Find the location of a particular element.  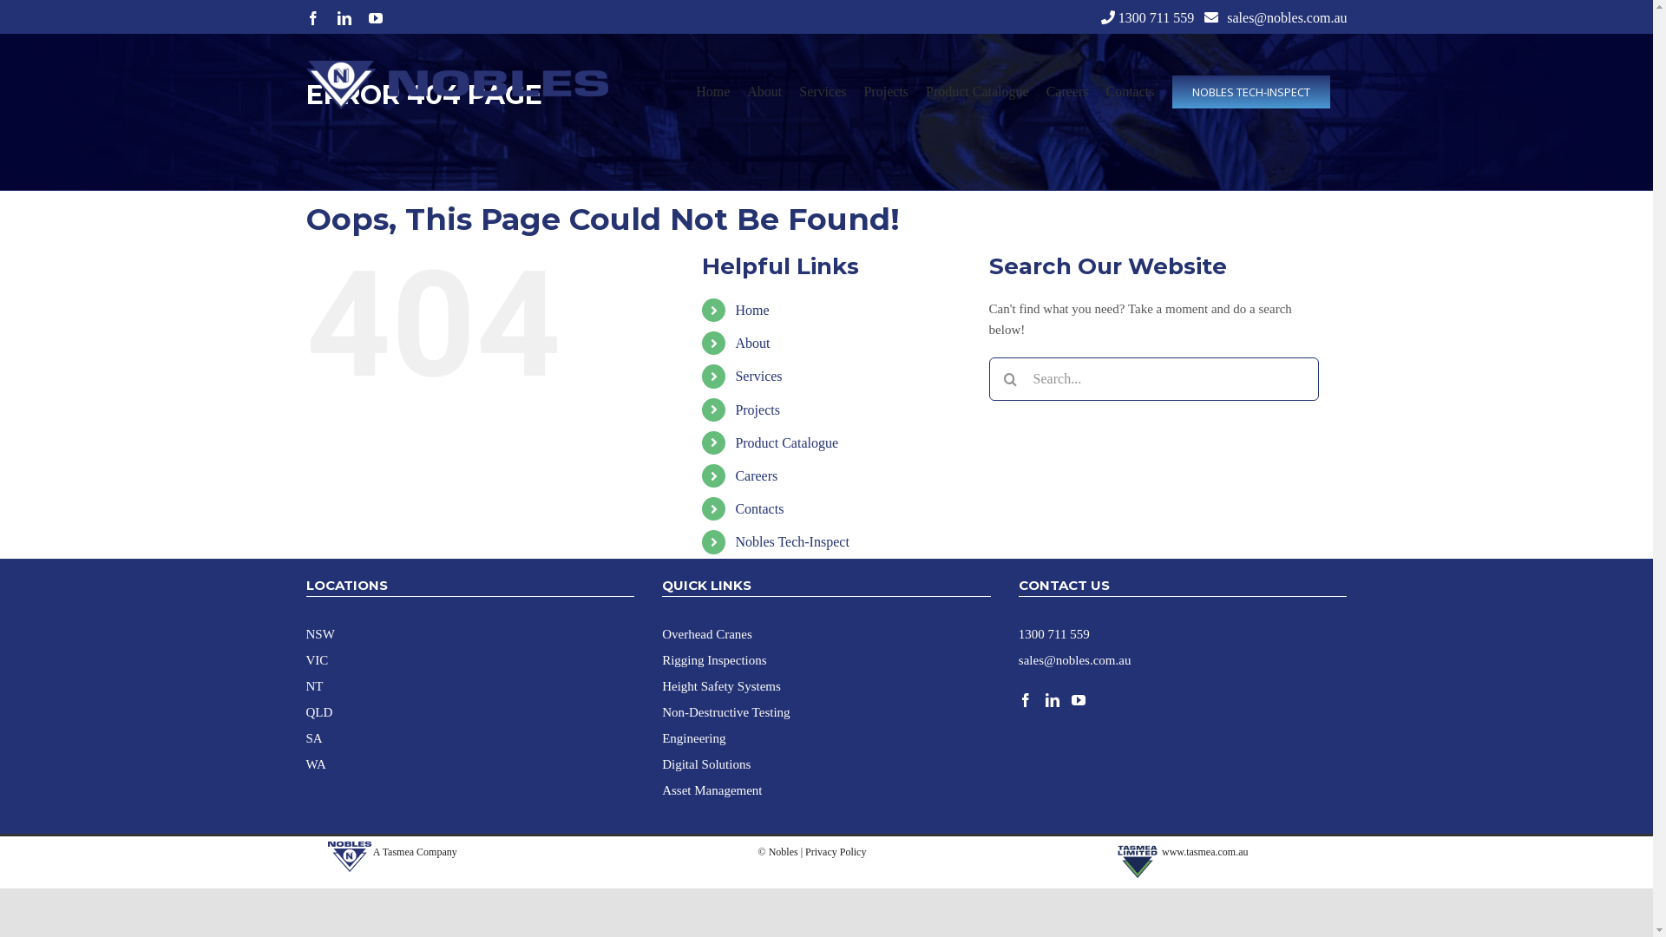

'NSW' is located at coordinates (319, 632).